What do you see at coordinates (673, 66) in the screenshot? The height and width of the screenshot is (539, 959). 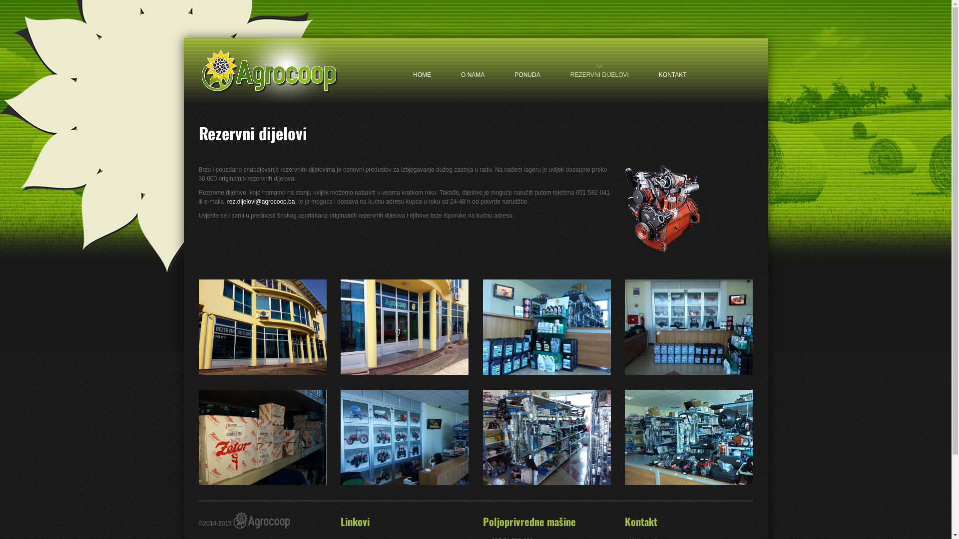 I see `'KONTAKT'` at bounding box center [673, 66].